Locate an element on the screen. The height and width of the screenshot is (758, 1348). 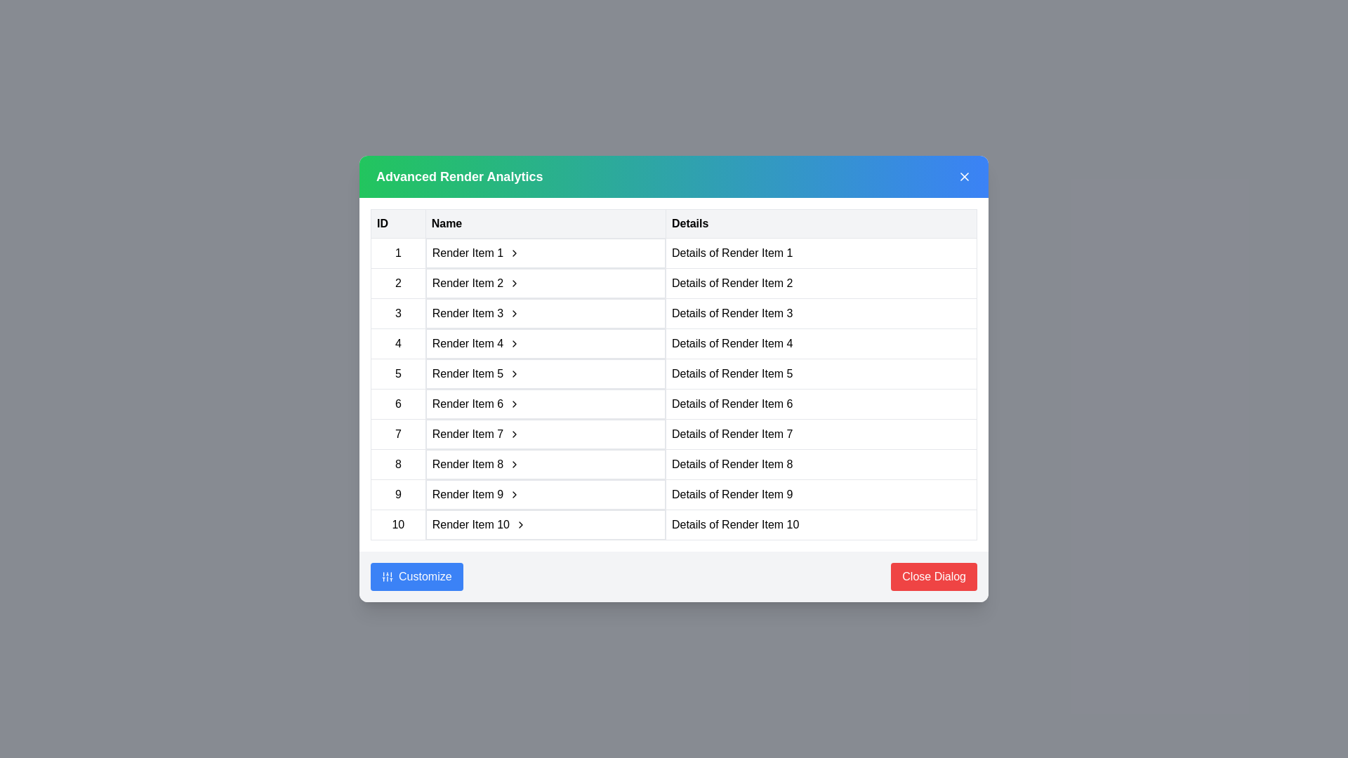
'X' icon at the top-right corner of the dialog to close it is located at coordinates (963, 175).